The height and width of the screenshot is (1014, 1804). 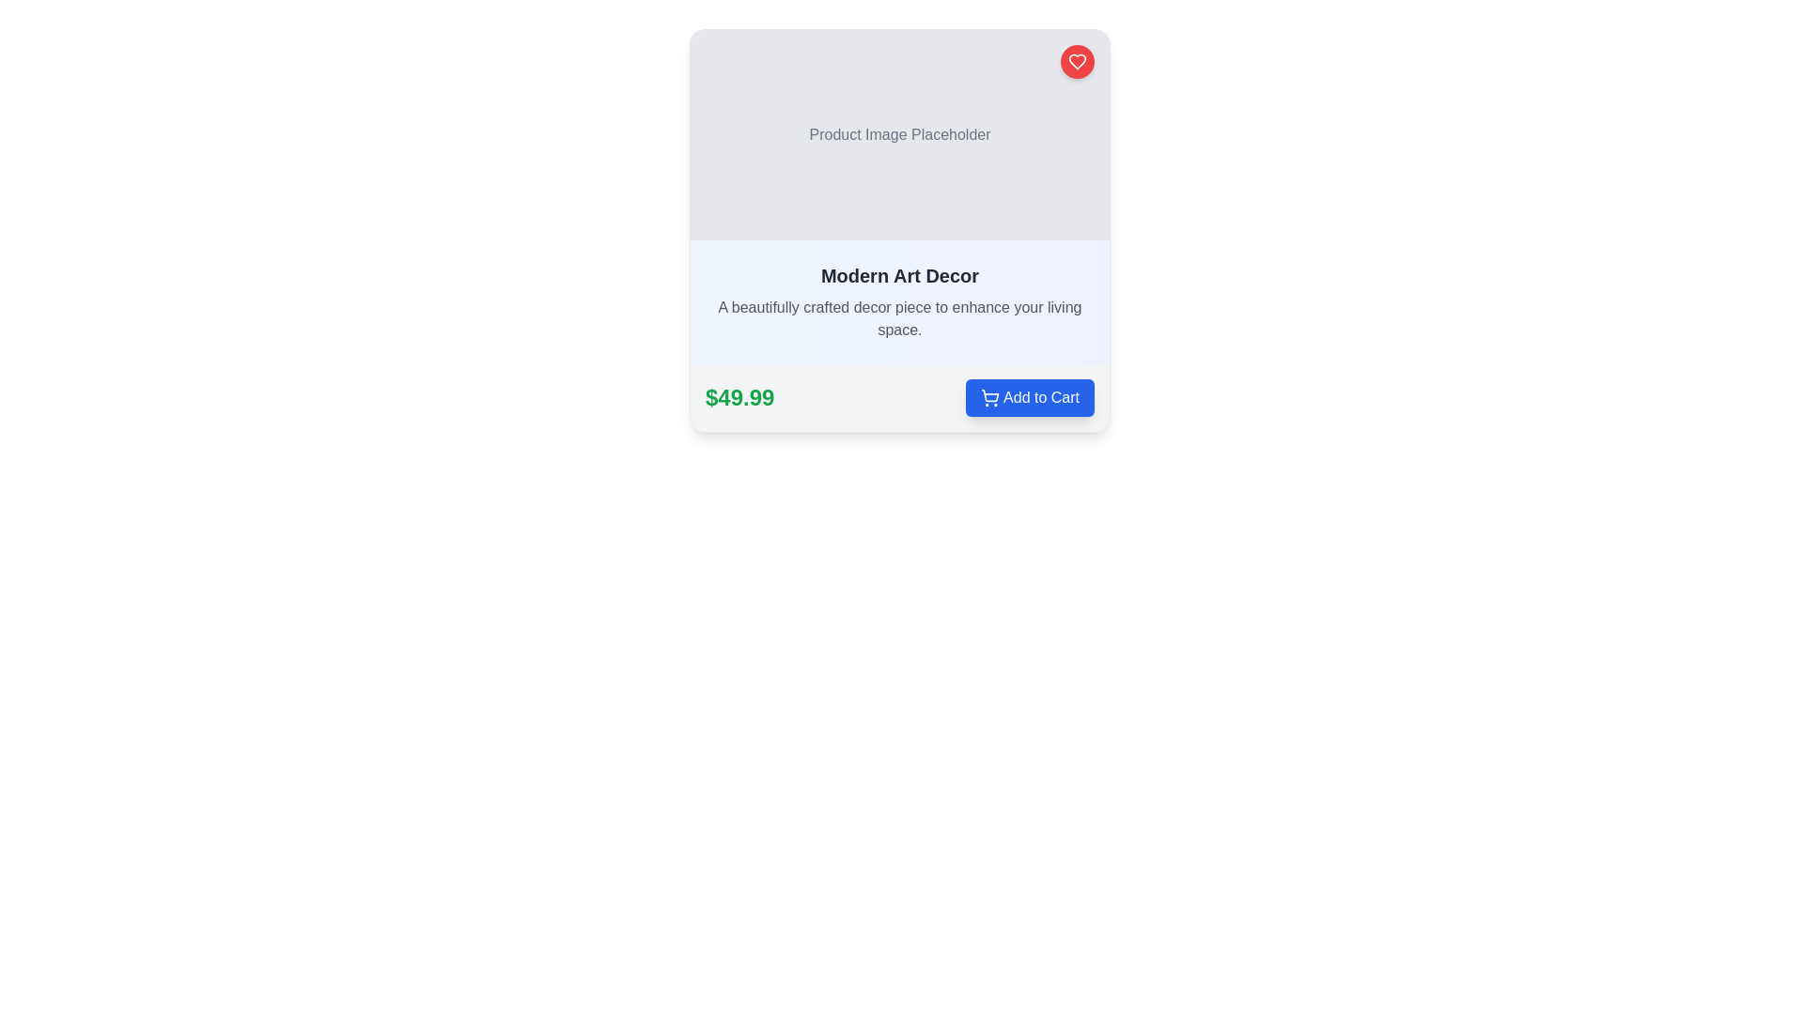 I want to click on the 'Add to Cart' button, which has a blue background and white text, so click(x=1029, y=397).